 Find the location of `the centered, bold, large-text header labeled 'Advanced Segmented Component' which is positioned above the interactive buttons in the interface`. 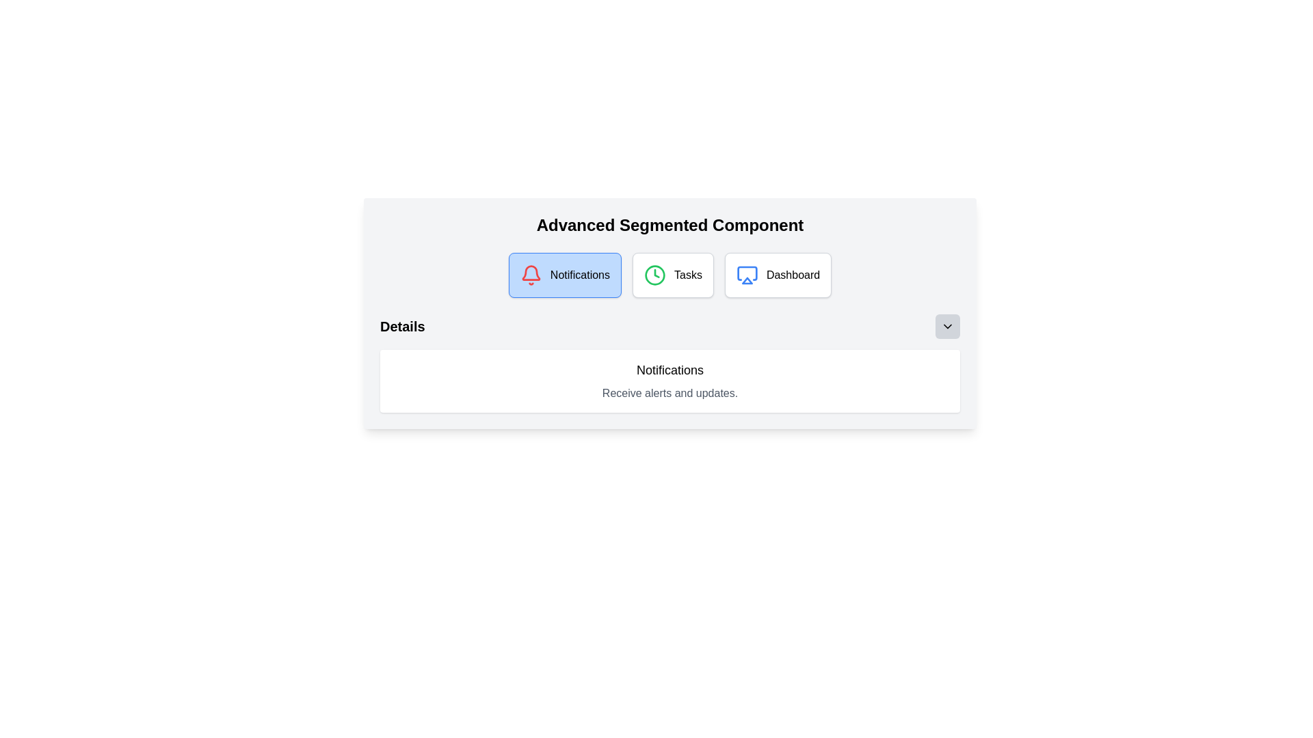

the centered, bold, large-text header labeled 'Advanced Segmented Component' which is positioned above the interactive buttons in the interface is located at coordinates (669, 225).